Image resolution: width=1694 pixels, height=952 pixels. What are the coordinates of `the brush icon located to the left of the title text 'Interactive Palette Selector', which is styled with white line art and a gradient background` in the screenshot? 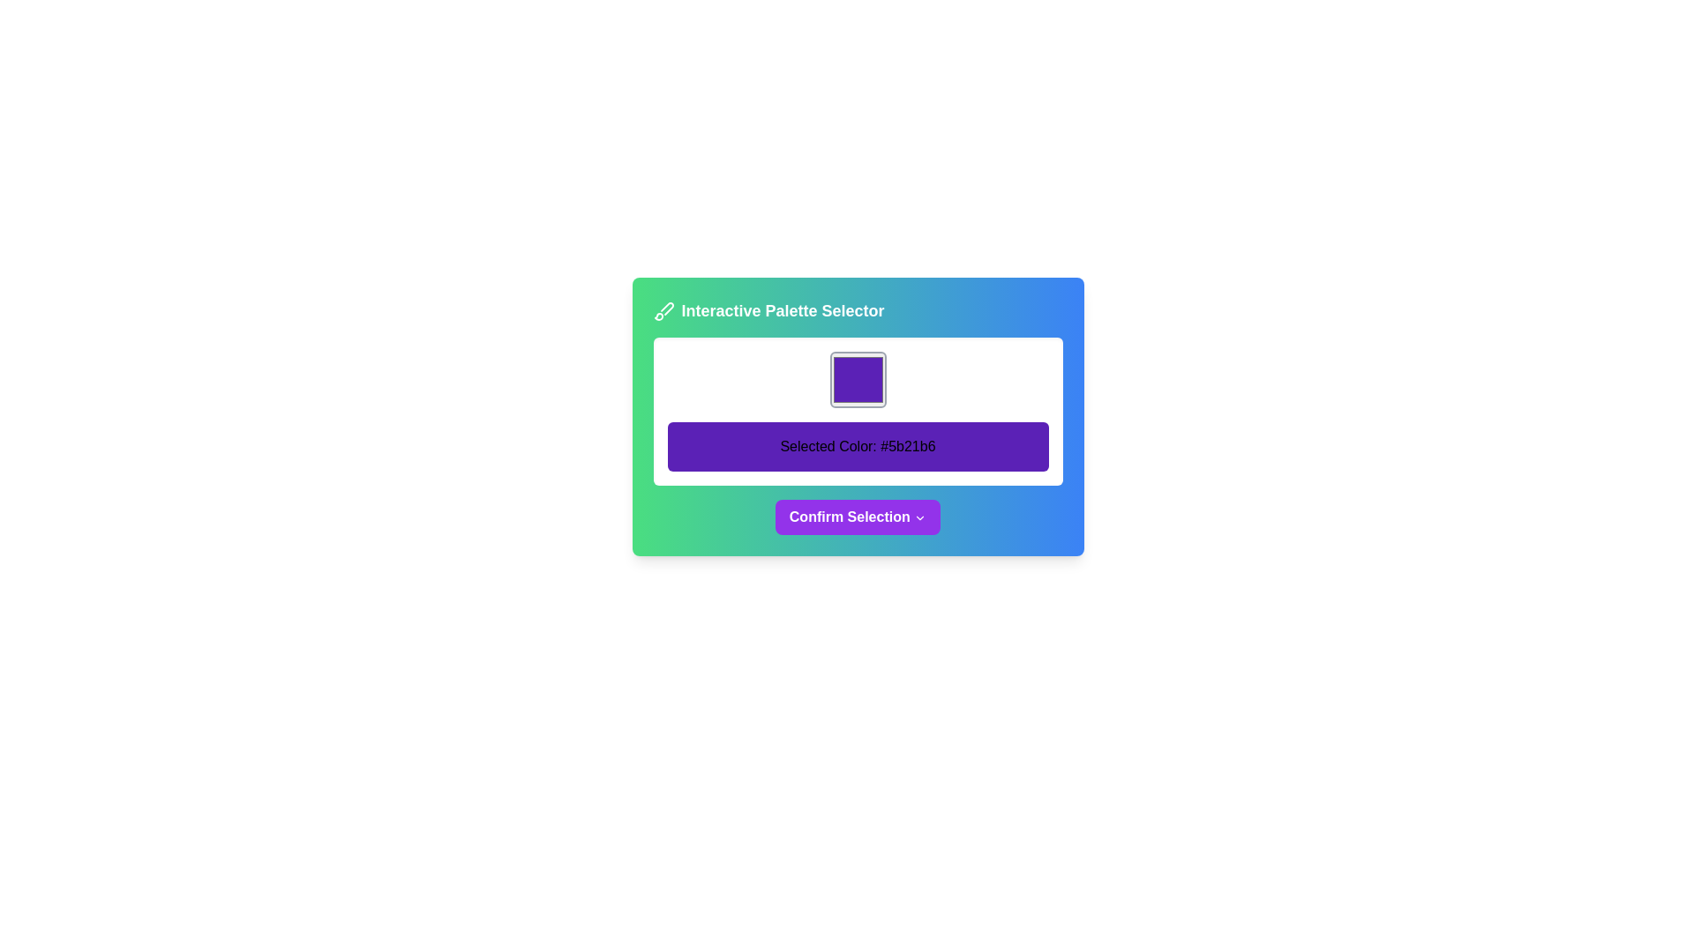 It's located at (663, 310).